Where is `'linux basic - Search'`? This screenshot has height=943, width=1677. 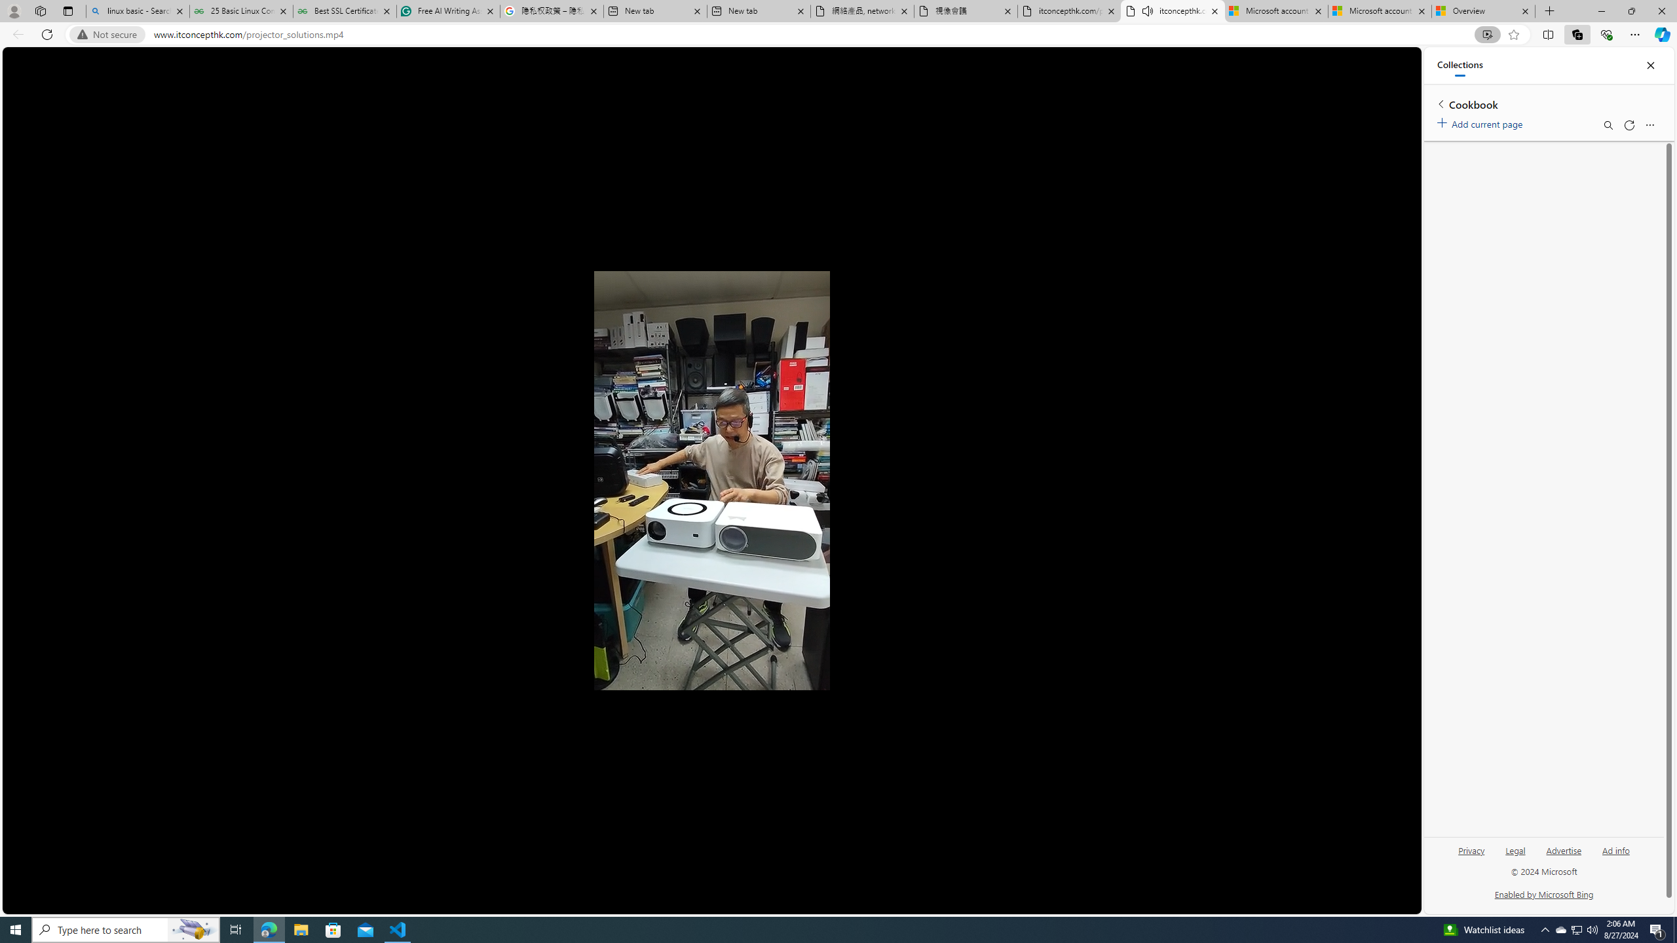
'linux basic - Search' is located at coordinates (136, 10).